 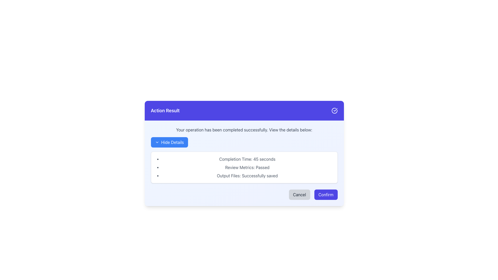 I want to click on the text label displaying 'Review Metrics: Passed', which is the second item in a vertically stacked bulleted list, positioned between 'Completion Time: 45 seconds' and 'Output Files: Successfully saved', so click(x=247, y=167).